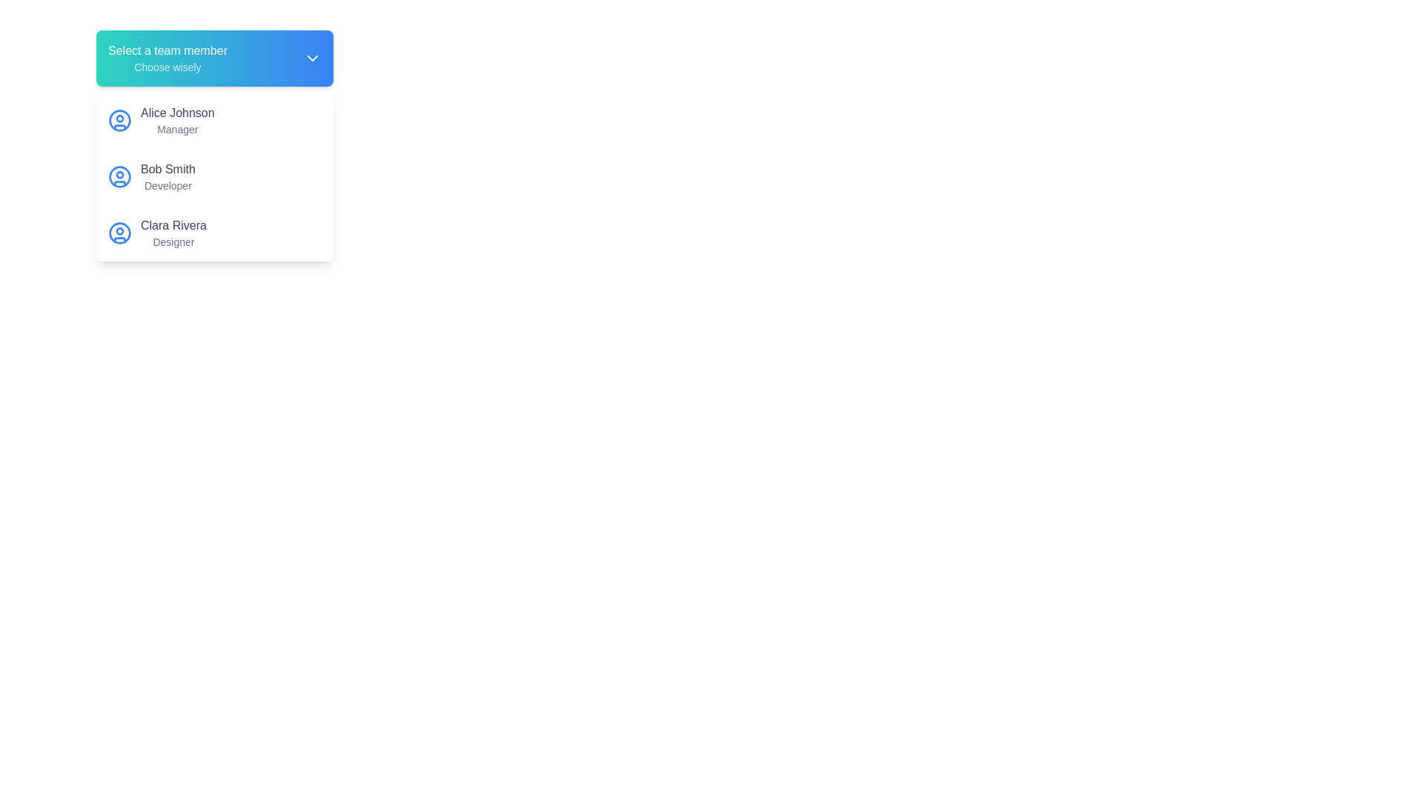 This screenshot has height=800, width=1423. Describe the element at coordinates (120, 119) in the screenshot. I see `the icon associated with 'Alice Johnson - Manager' by targeting the blue outlined circular SVG element next to it` at that location.